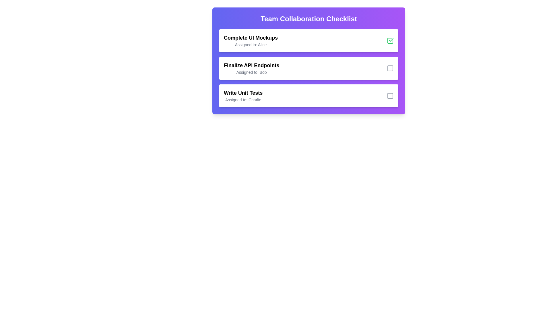 The width and height of the screenshot is (551, 310). What do you see at coordinates (251, 44) in the screenshot?
I see `the Text Label displaying the assignee's name for the task in the checklist item below 'Complete UI Mockups'` at bounding box center [251, 44].